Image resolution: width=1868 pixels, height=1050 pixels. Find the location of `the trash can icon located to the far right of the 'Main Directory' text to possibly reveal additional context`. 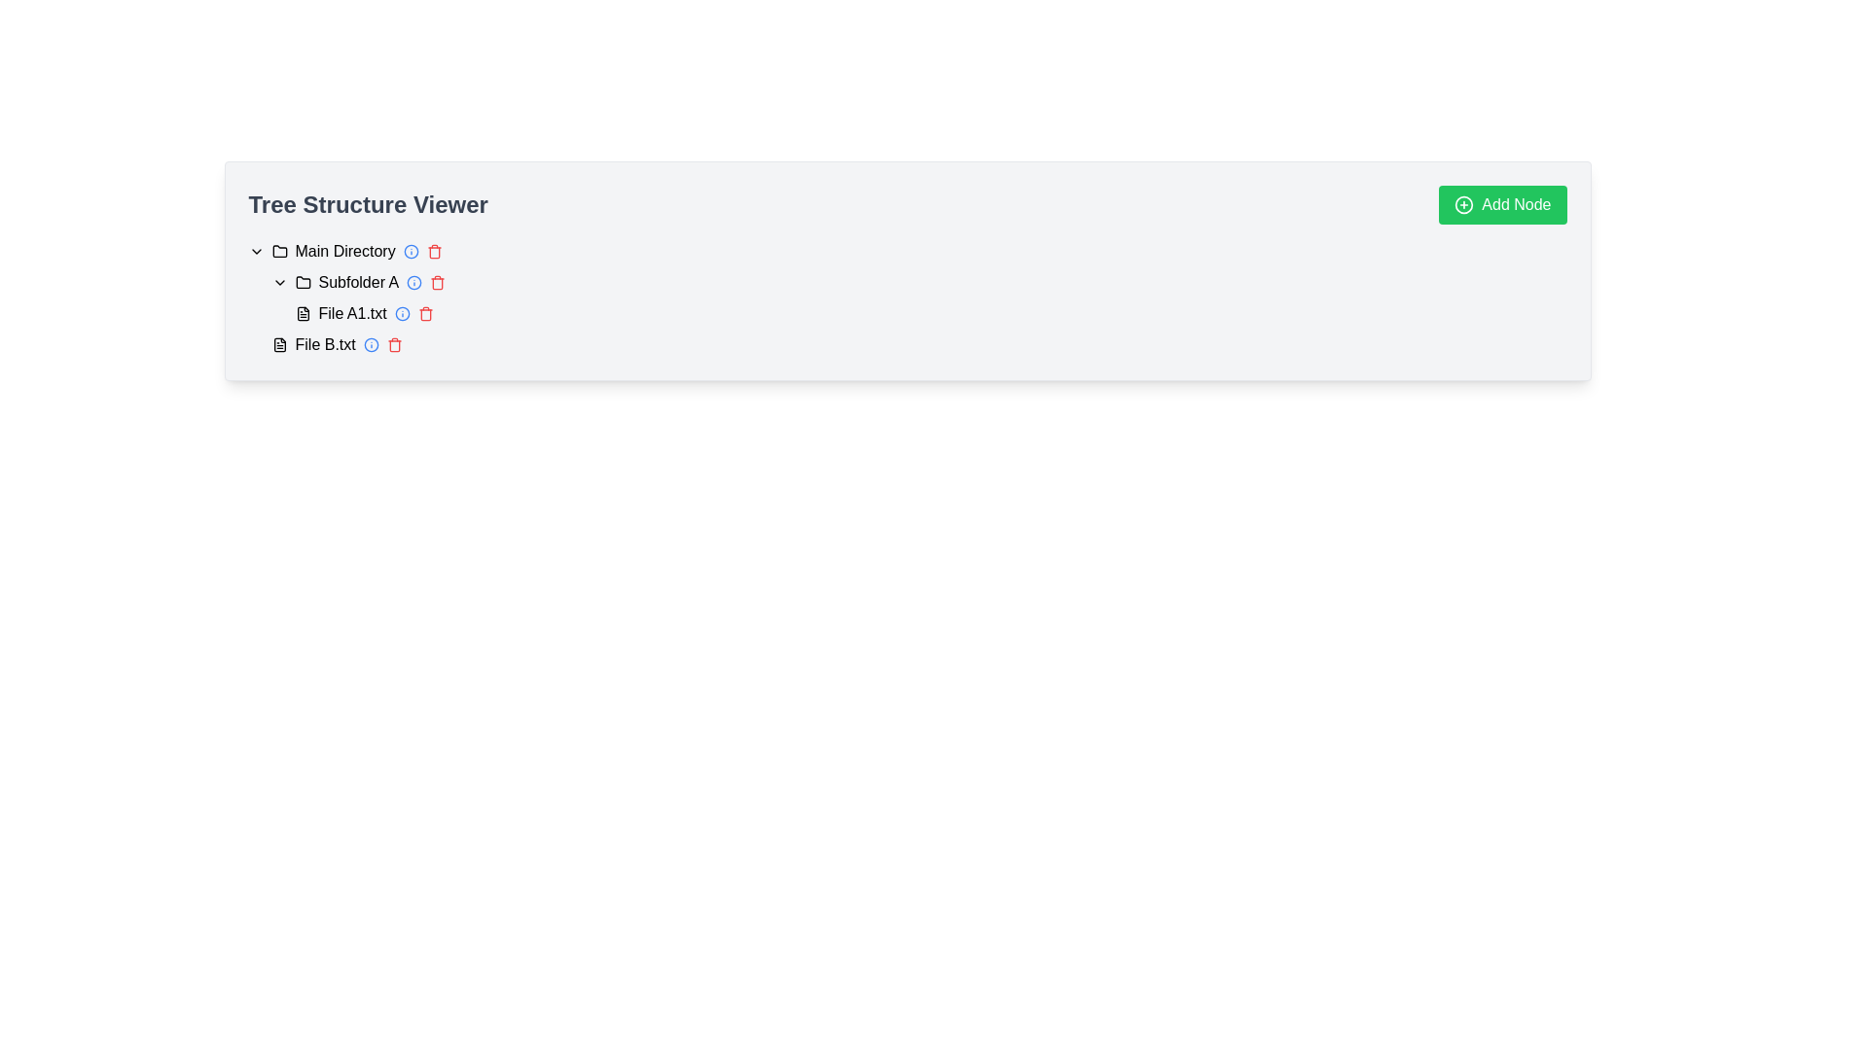

the trash can icon located to the far right of the 'Main Directory' text to possibly reveal additional context is located at coordinates (433, 250).